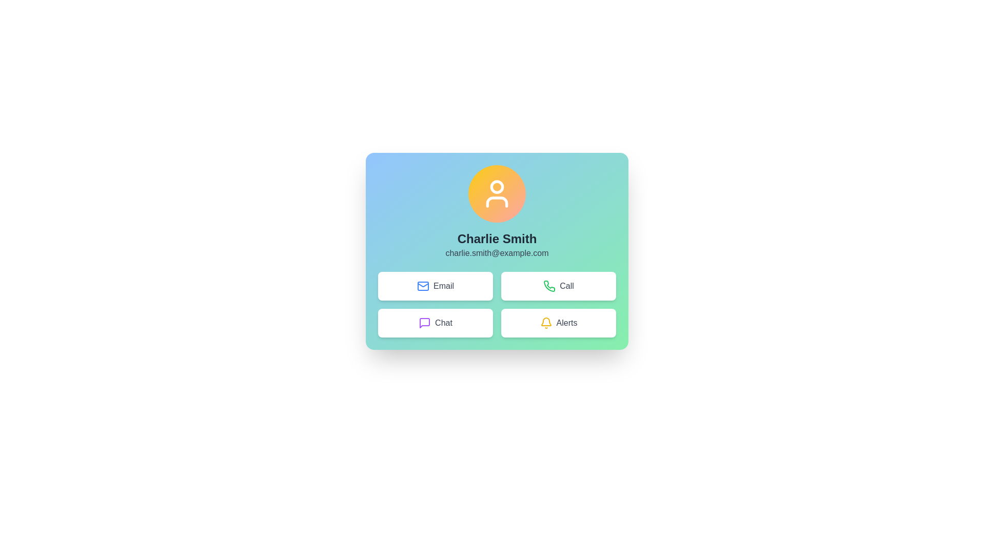 This screenshot has width=985, height=554. Describe the element at coordinates (425, 322) in the screenshot. I see `the chat icon located in the bottom-left quadrant of the interface, adjacent to the 'Chat' button text` at that location.